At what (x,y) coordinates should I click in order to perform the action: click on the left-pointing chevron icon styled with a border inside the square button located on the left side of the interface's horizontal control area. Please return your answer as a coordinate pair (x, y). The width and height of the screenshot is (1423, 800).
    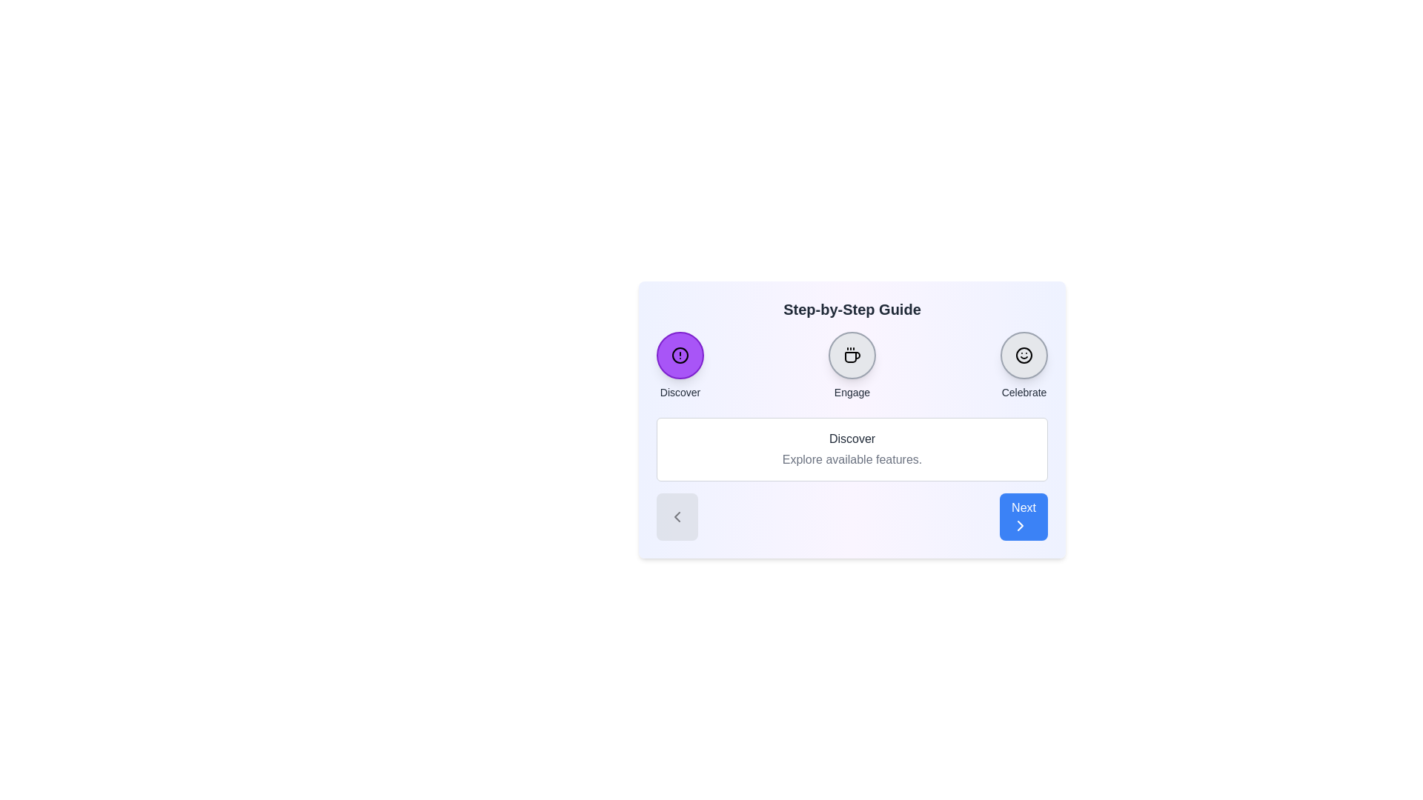
    Looking at the image, I should click on (676, 516).